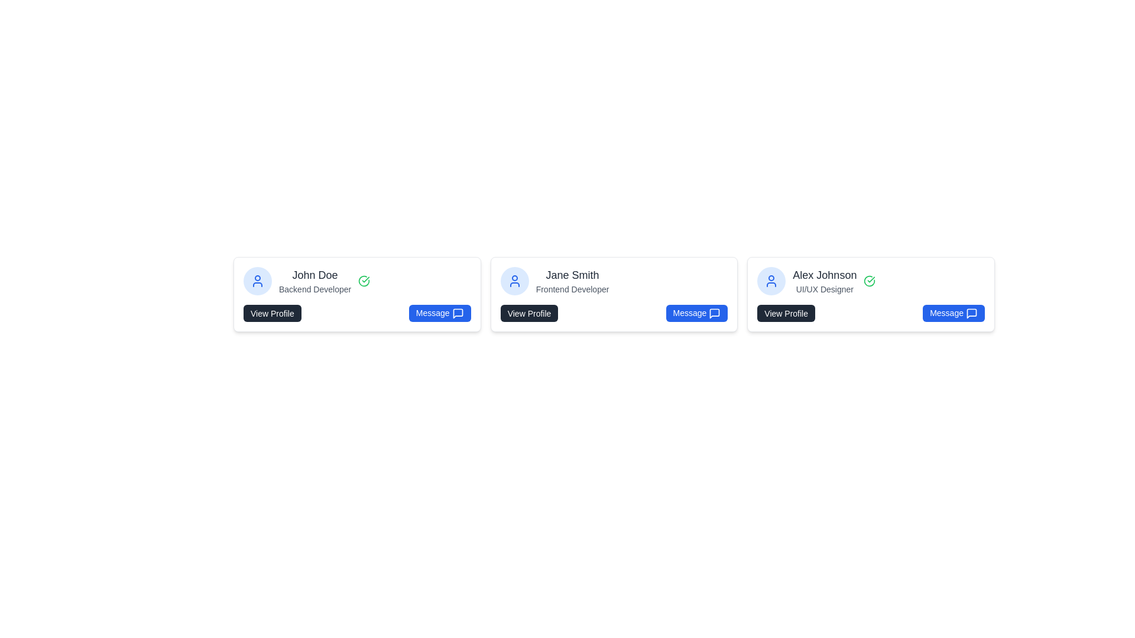  What do you see at coordinates (786, 313) in the screenshot?
I see `the button` at bounding box center [786, 313].